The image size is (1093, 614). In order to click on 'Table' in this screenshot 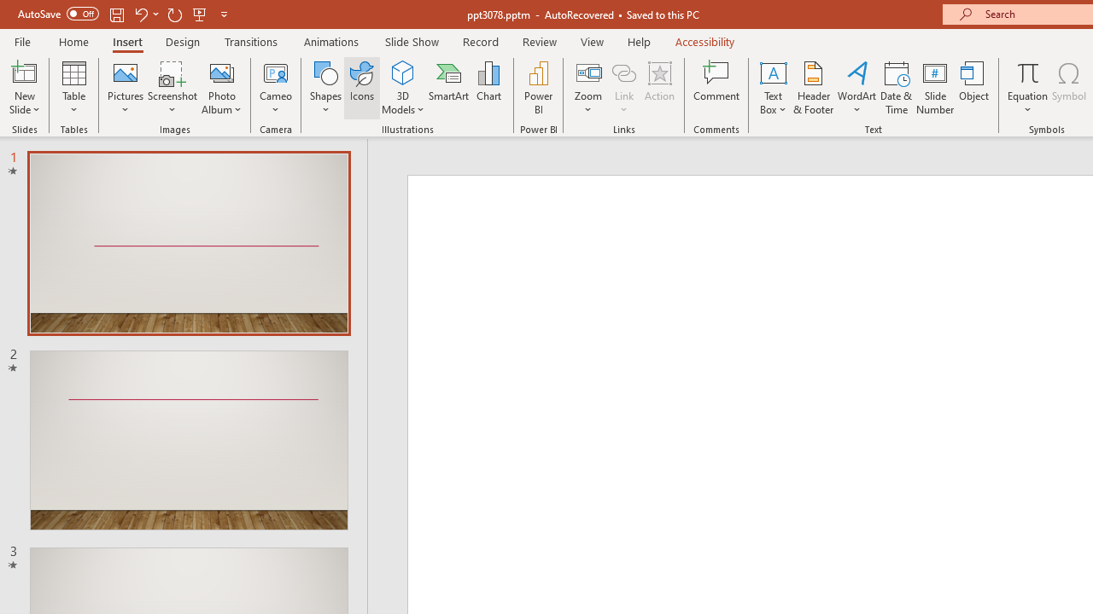, I will do `click(73, 88)`.